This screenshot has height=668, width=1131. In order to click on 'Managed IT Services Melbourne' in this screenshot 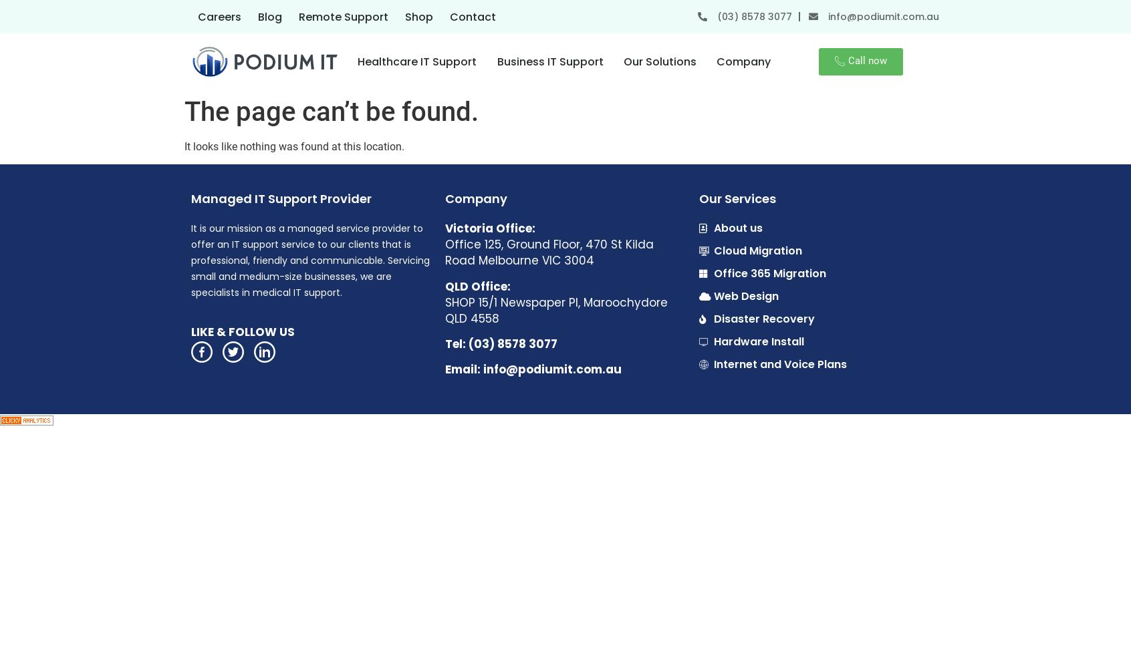, I will do `click(553, 94)`.